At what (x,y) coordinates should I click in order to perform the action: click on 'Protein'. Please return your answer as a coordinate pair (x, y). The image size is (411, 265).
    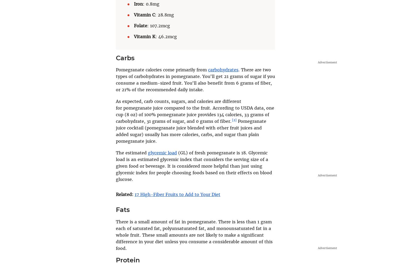
    Looking at the image, I should click on (128, 259).